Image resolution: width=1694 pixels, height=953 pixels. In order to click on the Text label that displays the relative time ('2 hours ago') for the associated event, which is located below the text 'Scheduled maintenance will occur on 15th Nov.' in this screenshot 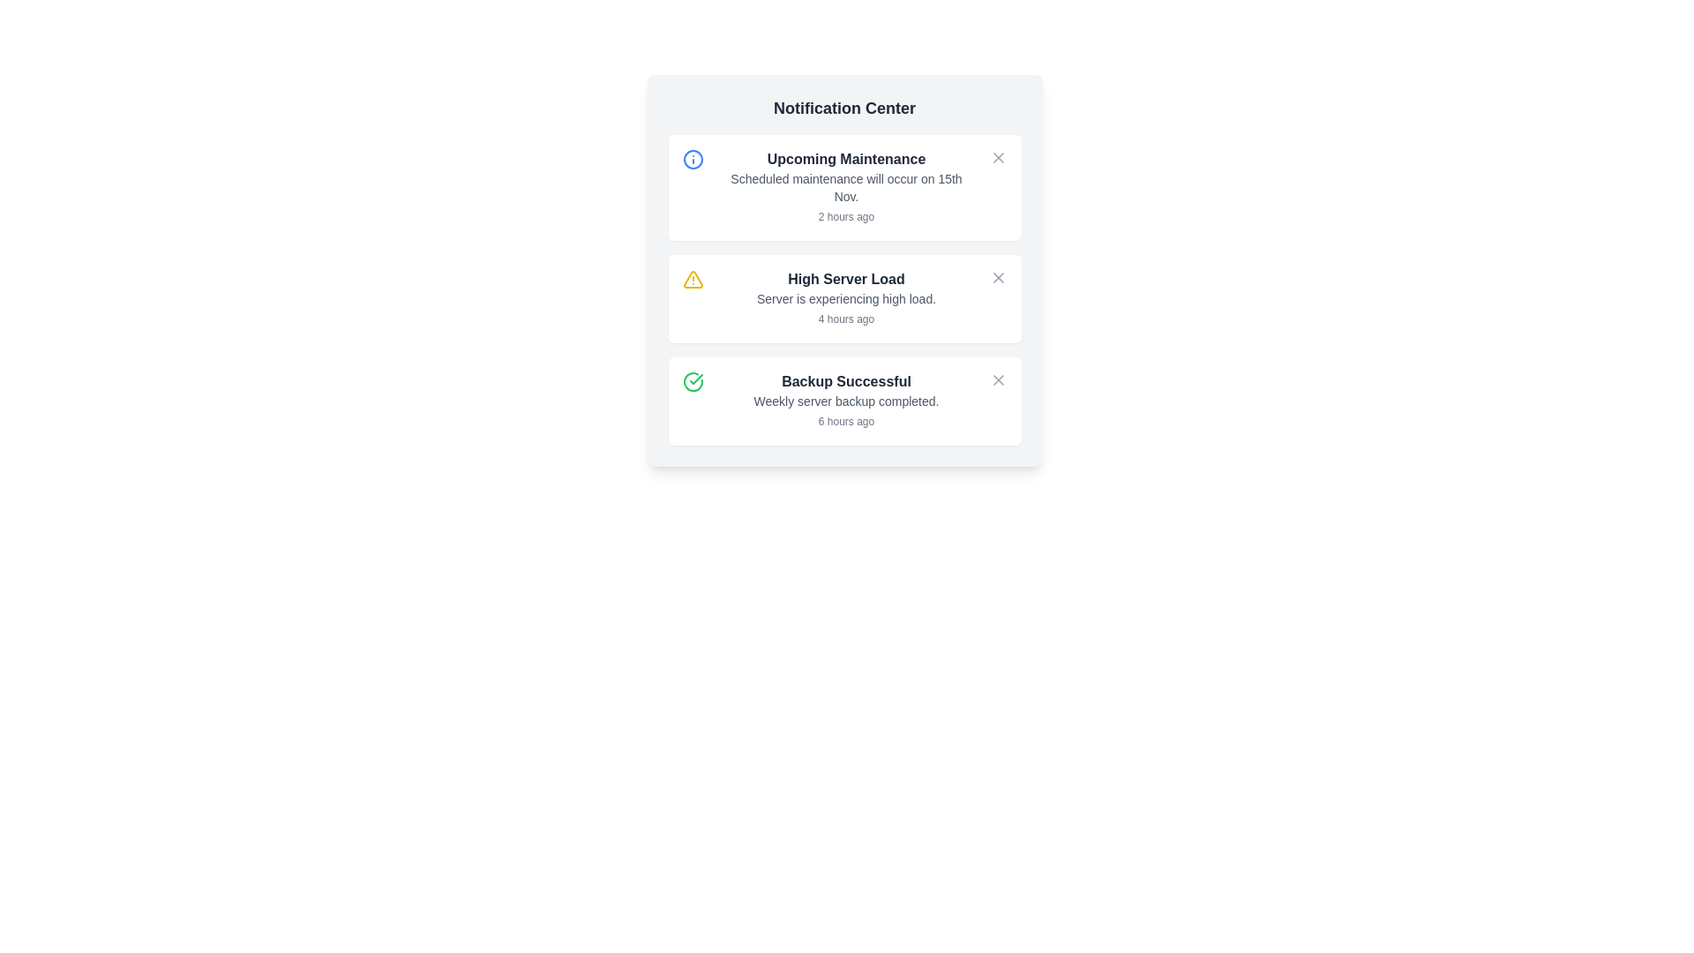, I will do `click(845, 216)`.